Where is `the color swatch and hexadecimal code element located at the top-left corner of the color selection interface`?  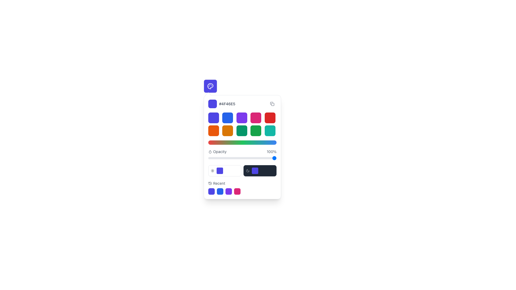 the color swatch and hexadecimal code element located at the top-left corner of the color selection interface is located at coordinates (222, 104).